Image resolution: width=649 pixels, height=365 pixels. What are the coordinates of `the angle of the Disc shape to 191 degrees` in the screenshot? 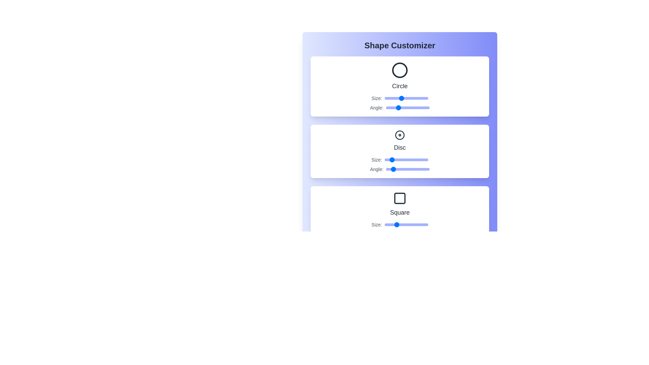 It's located at (409, 169).